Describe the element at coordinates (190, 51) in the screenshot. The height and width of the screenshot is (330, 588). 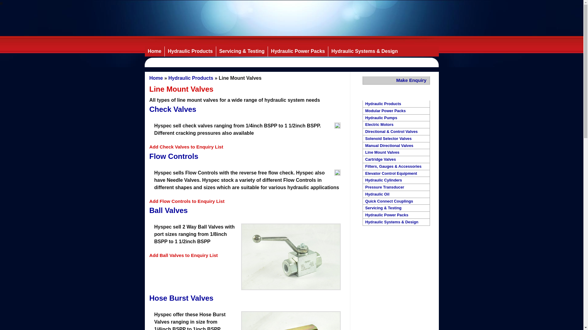
I see `'Hydraulic Products'` at that location.